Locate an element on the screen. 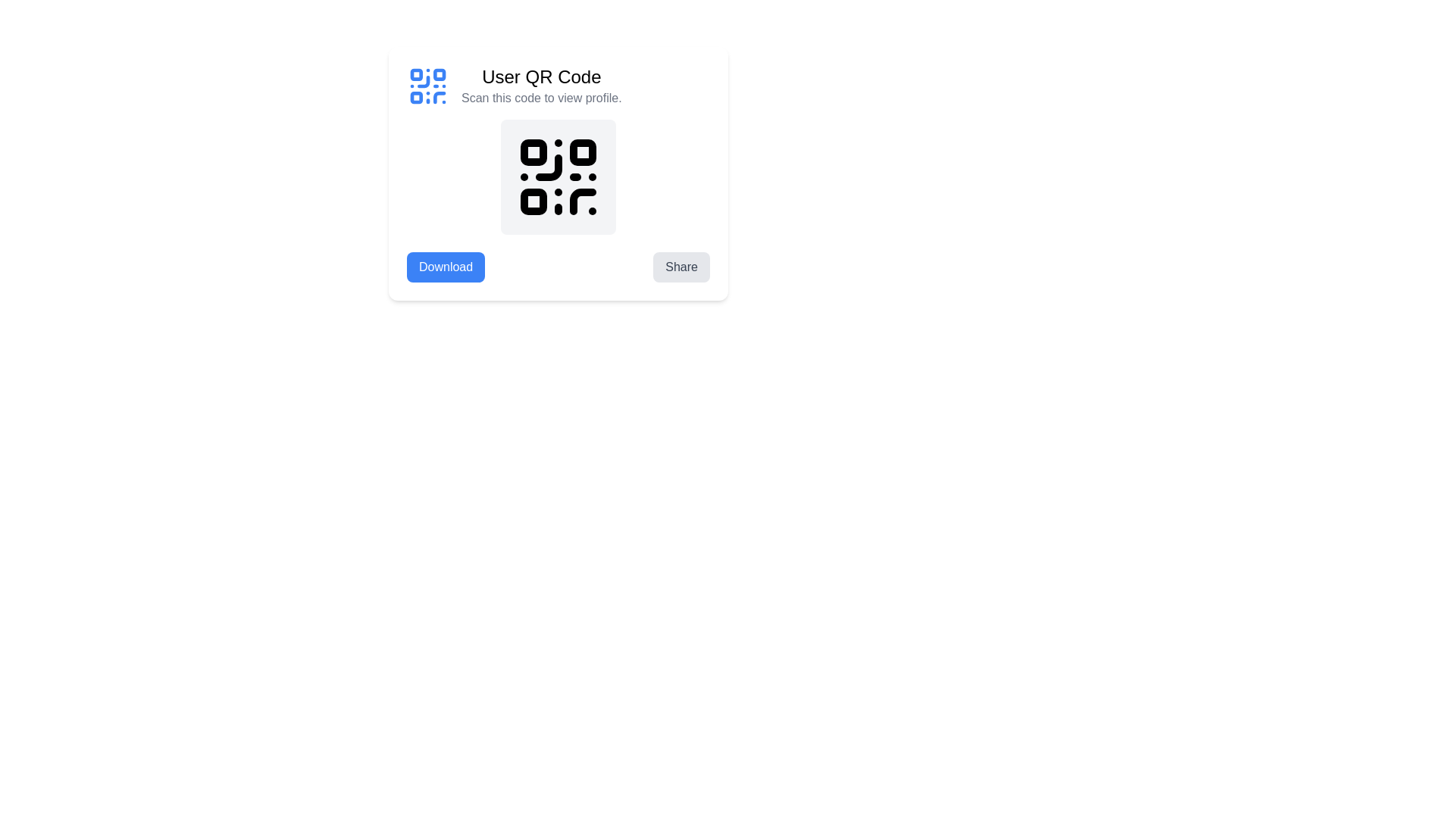 The height and width of the screenshot is (818, 1455). the curved pattern icon located in the upper half of the QR code graphic, situated on the left side among other QR code components is located at coordinates (548, 167).